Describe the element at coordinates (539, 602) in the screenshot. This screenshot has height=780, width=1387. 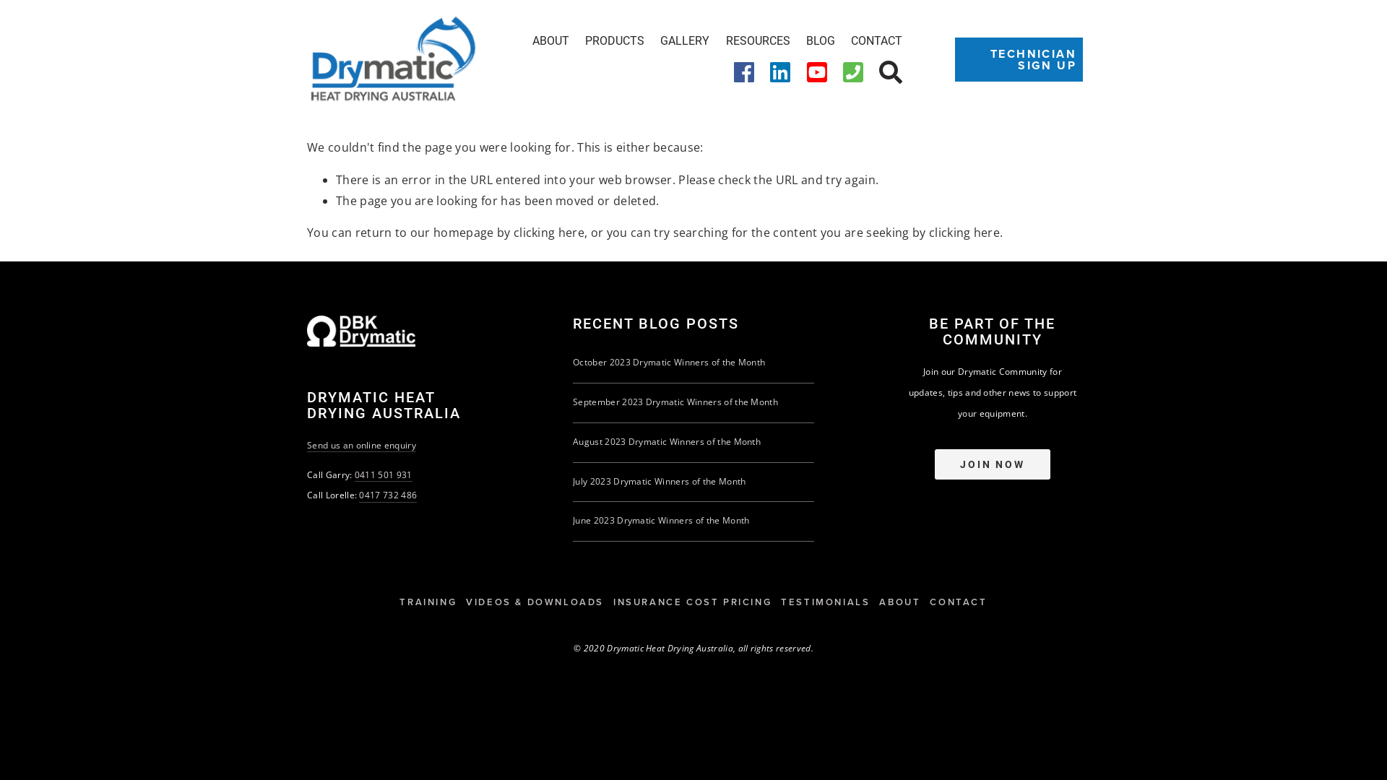
I see `'VIDEOS & DOWNLOADS'` at that location.